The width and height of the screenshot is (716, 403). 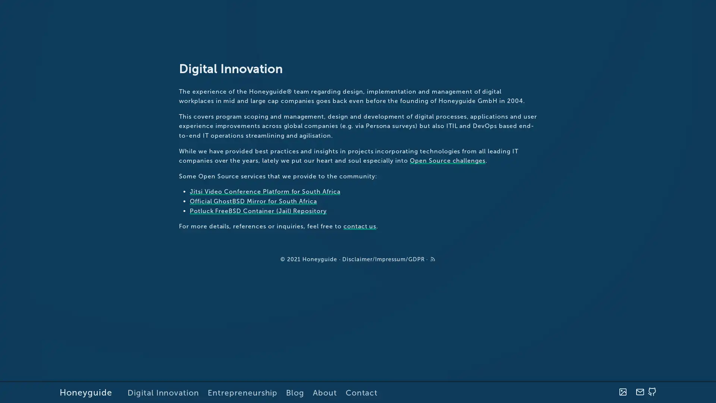 What do you see at coordinates (622, 392) in the screenshot?
I see `Featured Image` at bounding box center [622, 392].